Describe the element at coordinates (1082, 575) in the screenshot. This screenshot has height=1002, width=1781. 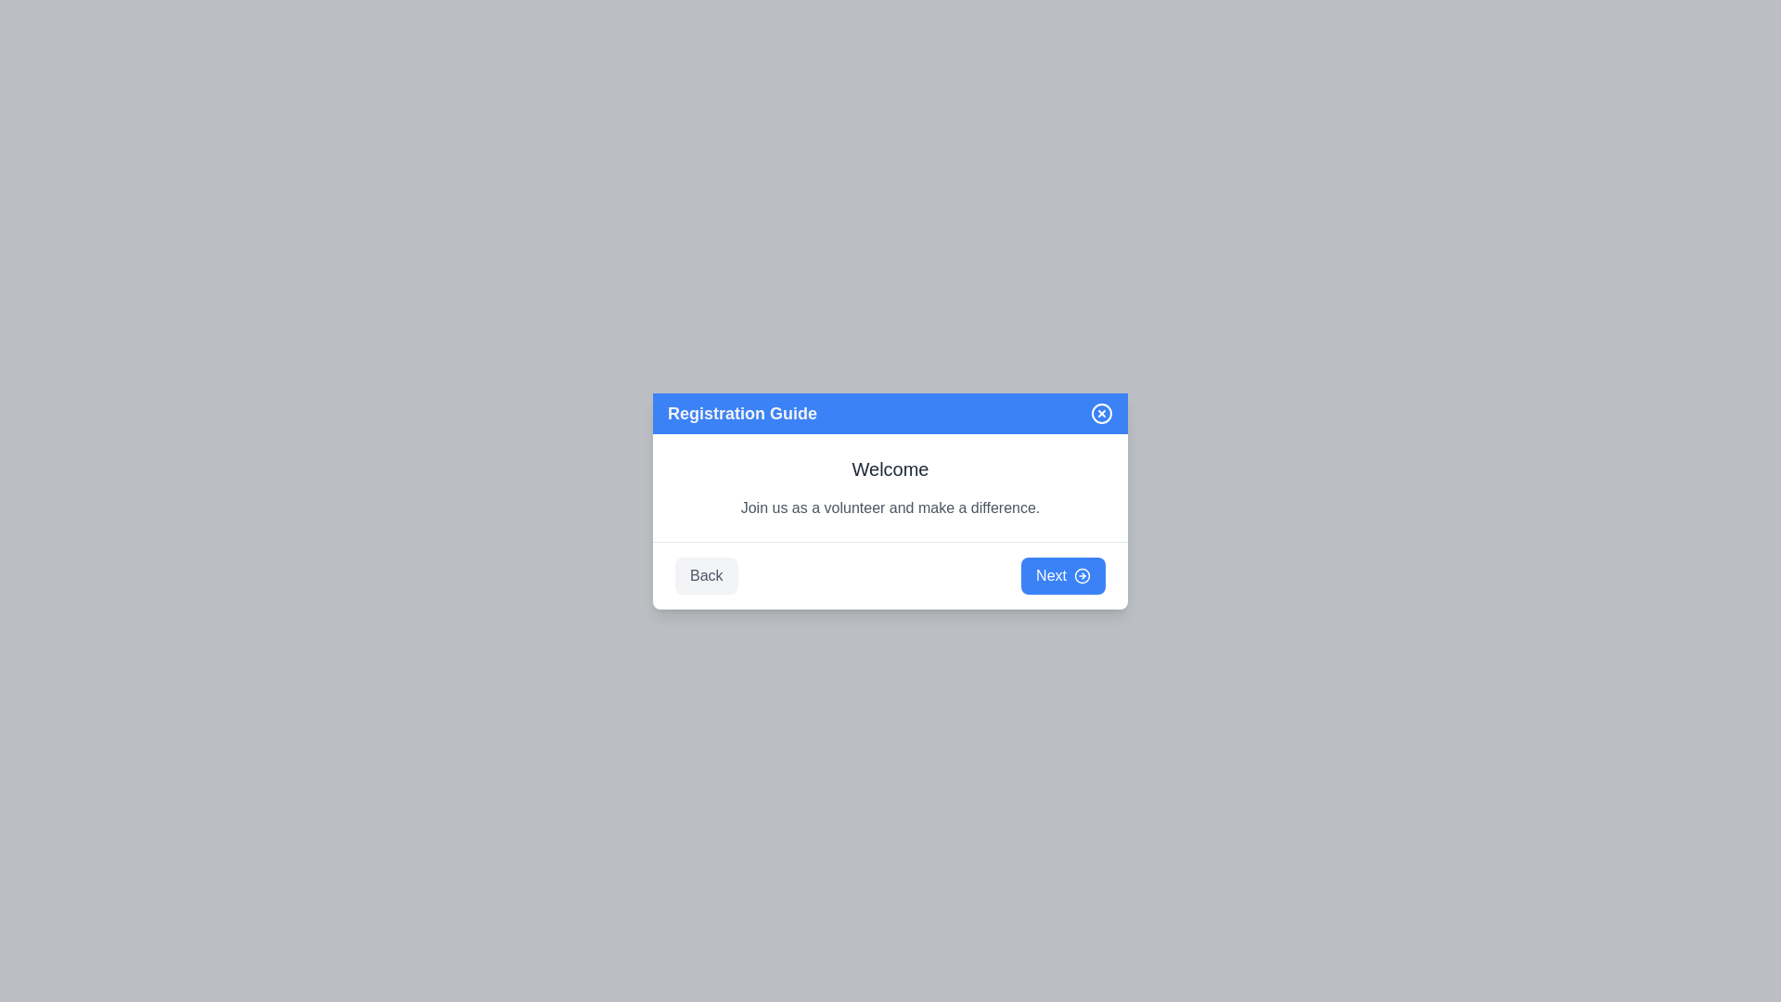
I see `the right-pointing arrow icon encircled in blue, which is positioned within the blue 'Next' button at the bottom-right corner of the modal dialog box` at that location.